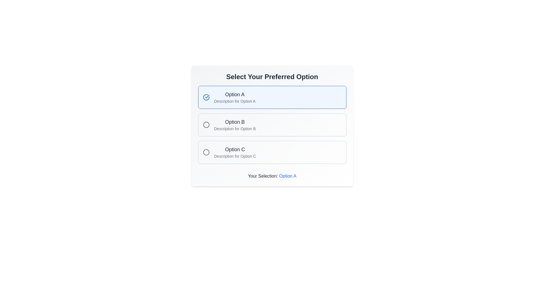 Image resolution: width=539 pixels, height=303 pixels. I want to click on the circular selectable indicator icon with a blue border and checkmark inside, located to the left of 'Option A' in the selection panel, so click(206, 97).